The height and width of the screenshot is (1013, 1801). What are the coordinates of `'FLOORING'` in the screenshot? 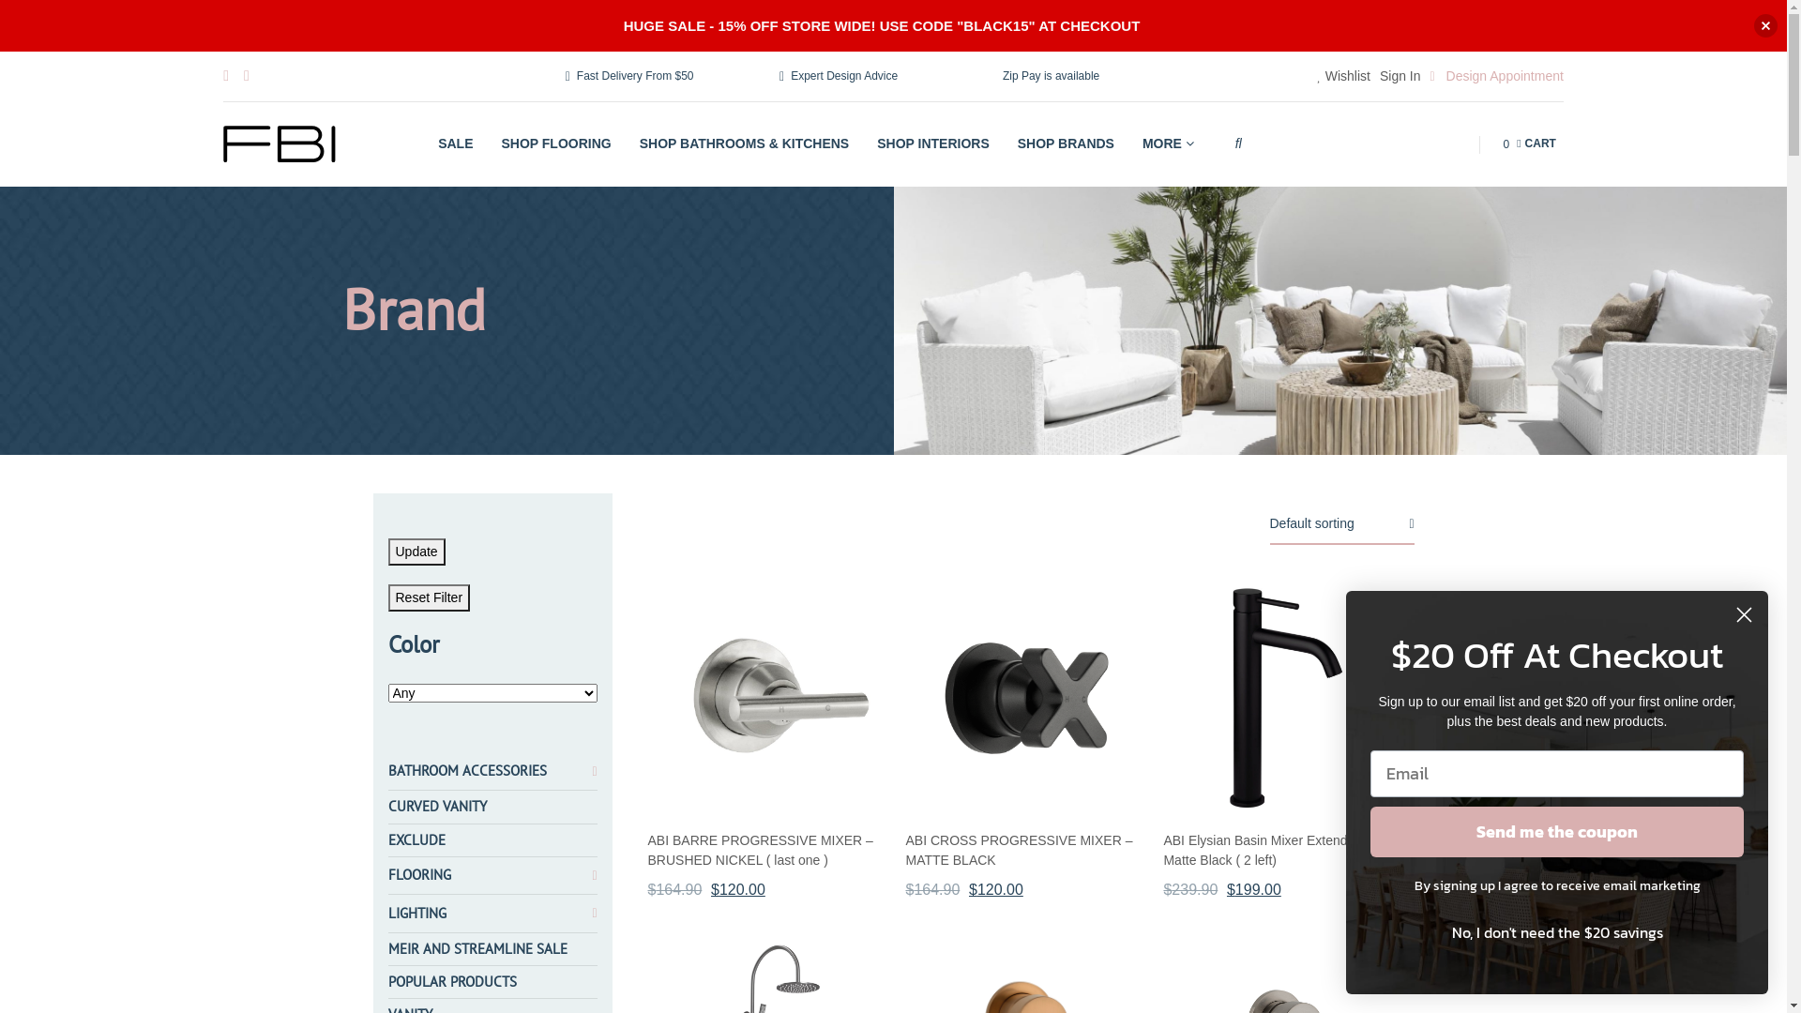 It's located at (418, 875).